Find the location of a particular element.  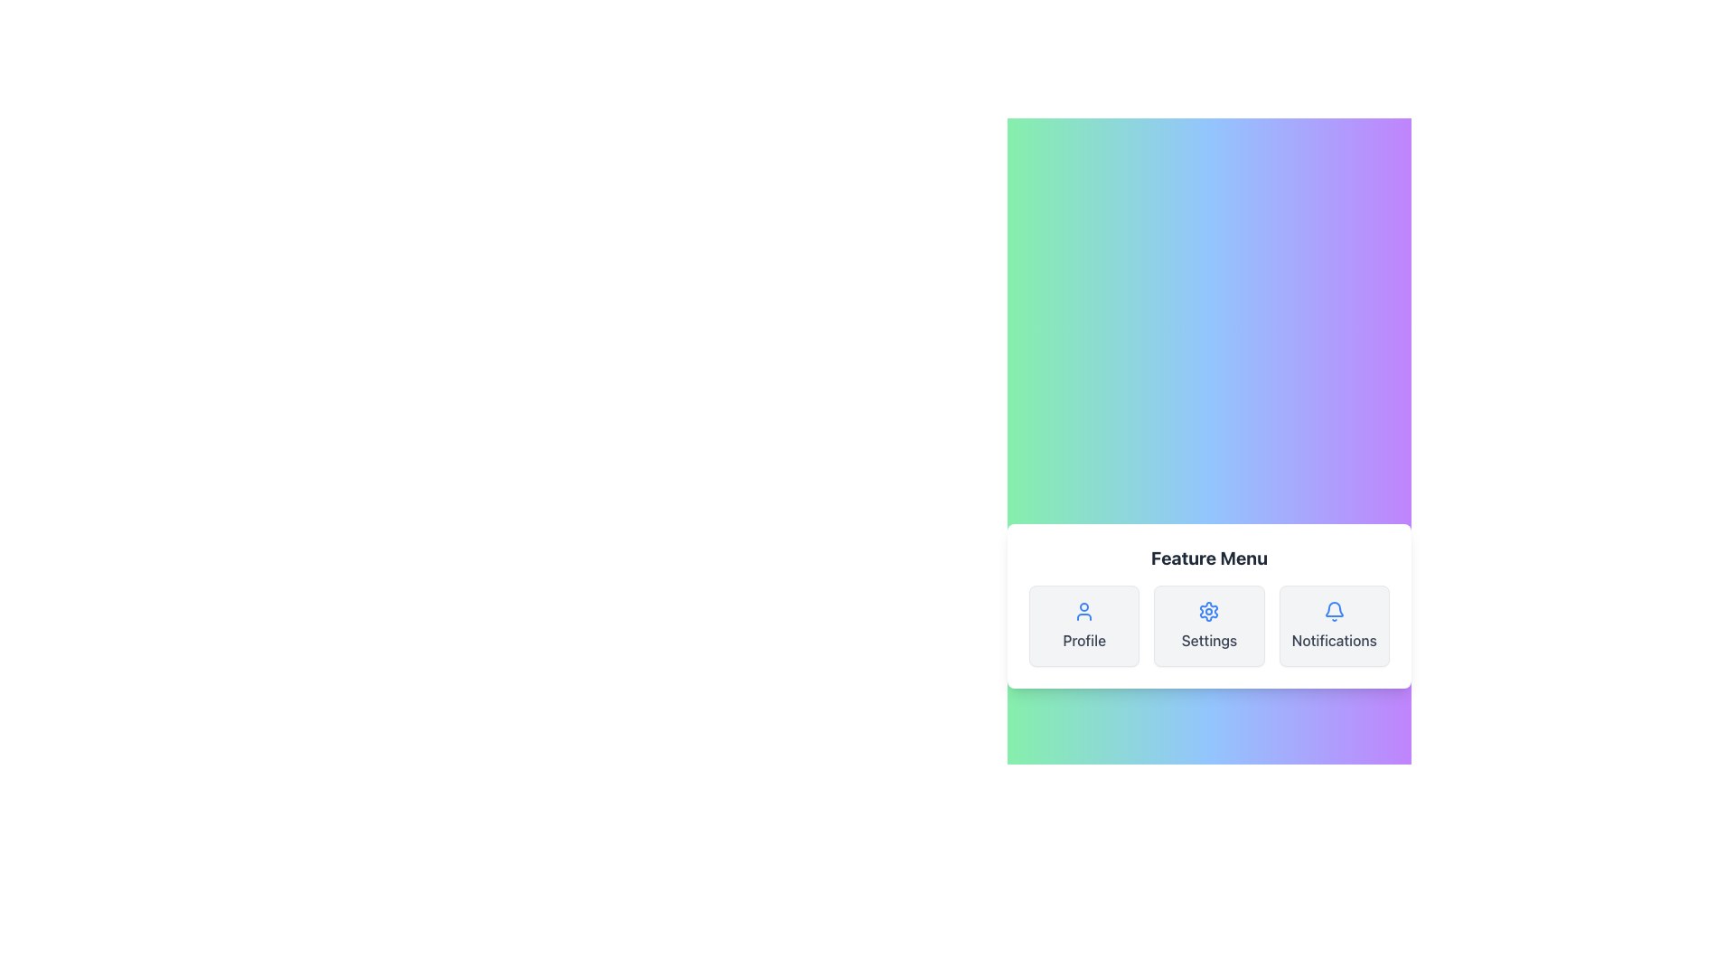

the 'Settings' button, which features a blue cogwheel icon and medium-weight gray text beneath it, centrally positioned in a three-column layout is located at coordinates (1209, 625).